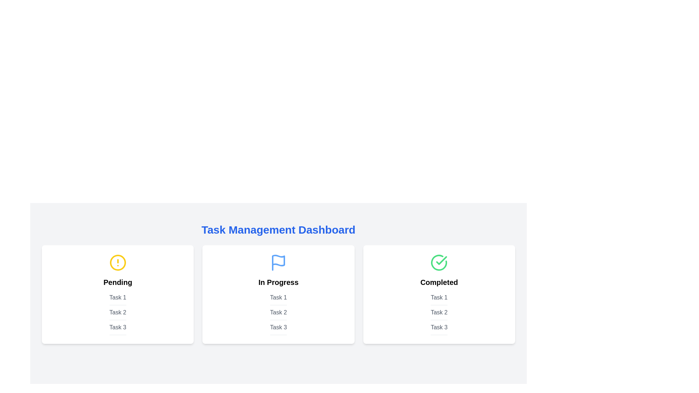  What do you see at coordinates (118, 314) in the screenshot?
I see `the second task label in the 'Pending' category of the task management dashboard` at bounding box center [118, 314].